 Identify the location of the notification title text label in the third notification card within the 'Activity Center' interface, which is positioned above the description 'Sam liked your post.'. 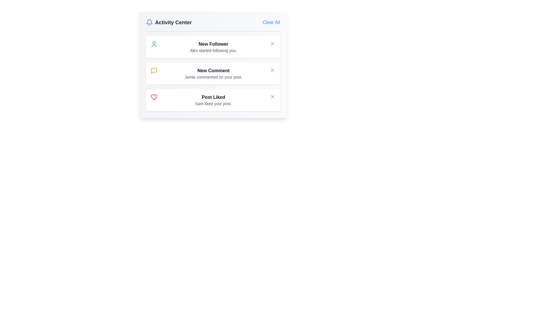
(213, 97).